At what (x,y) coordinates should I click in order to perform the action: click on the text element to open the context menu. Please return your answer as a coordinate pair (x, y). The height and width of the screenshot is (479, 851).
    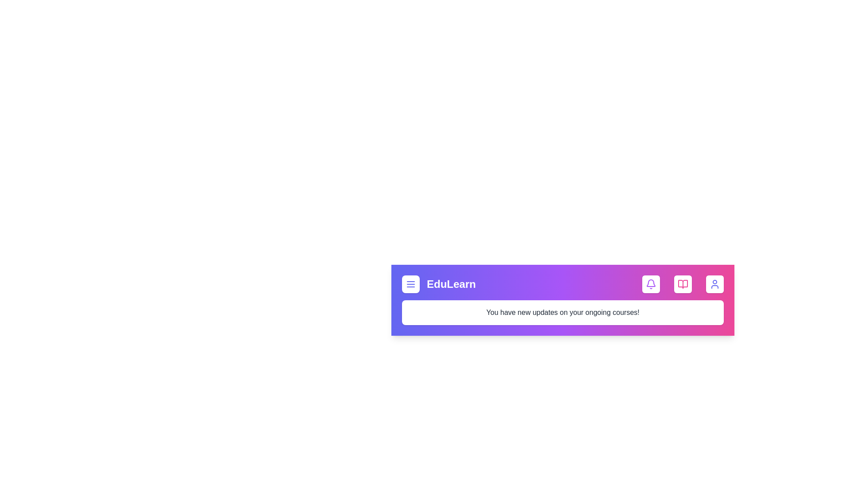
    Looking at the image, I should click on (562, 312).